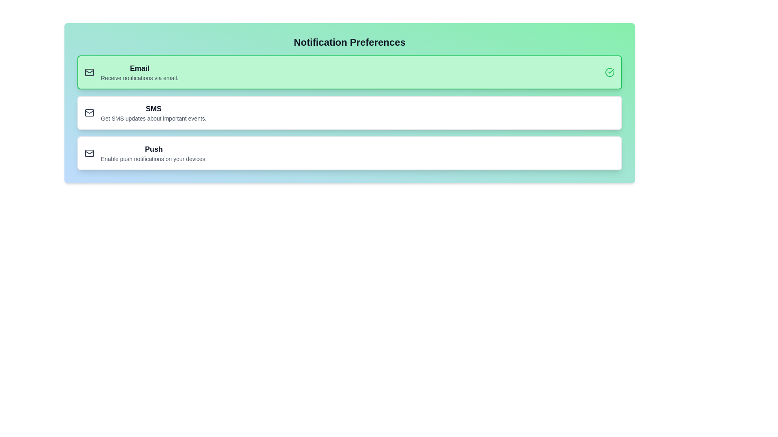  I want to click on the inner triangular line at the bottom folding edge of the envelope icon, located to the left of the 'Email' text in the first notification preference row, so click(89, 71).